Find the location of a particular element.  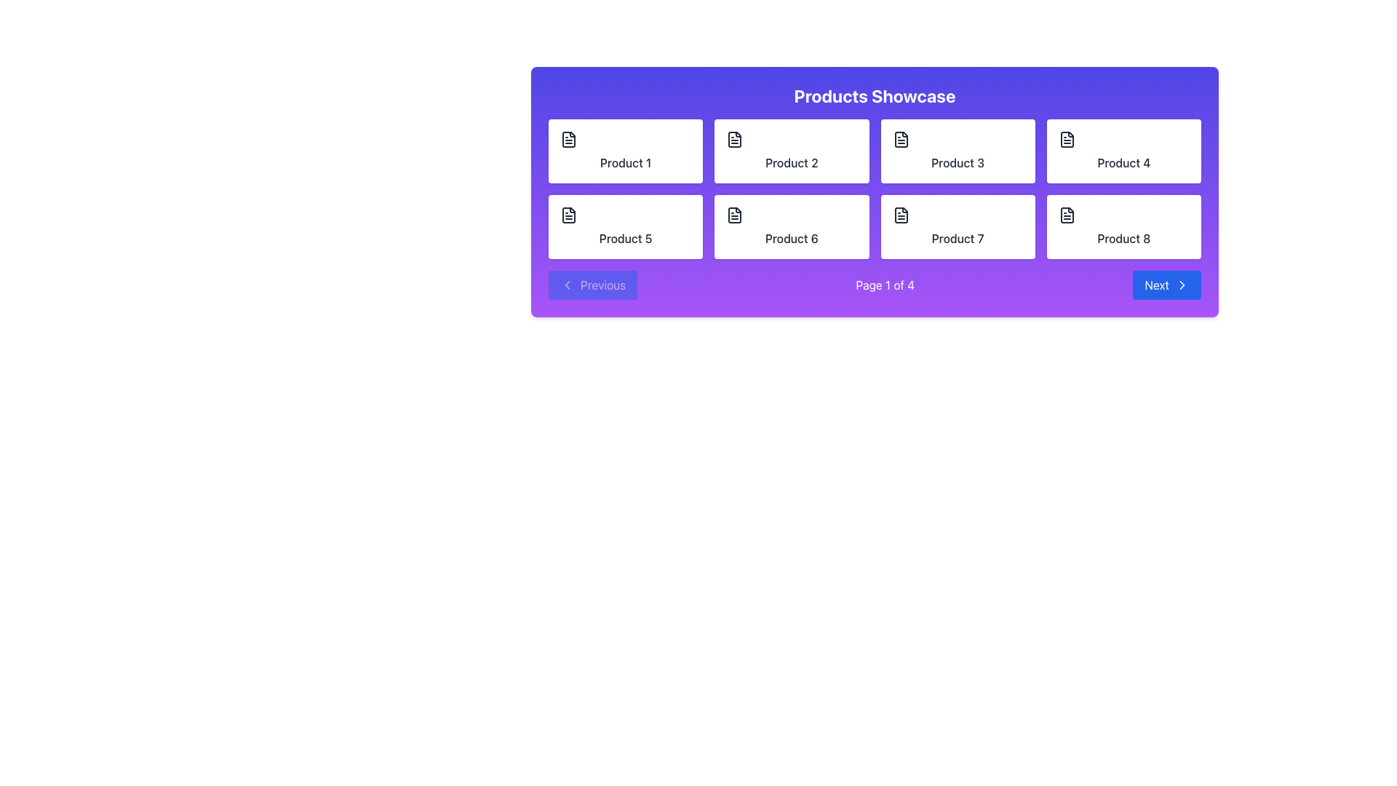

the 'Previous' button with a blue background and white text is located at coordinates (593, 285).